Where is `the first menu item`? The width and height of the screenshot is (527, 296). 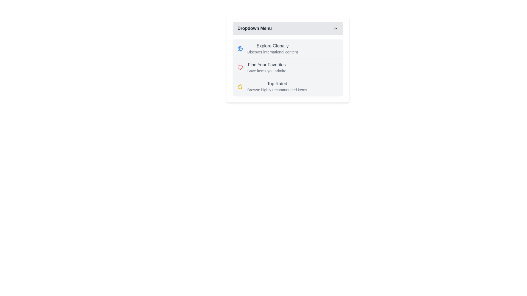 the first menu item is located at coordinates (288, 48).